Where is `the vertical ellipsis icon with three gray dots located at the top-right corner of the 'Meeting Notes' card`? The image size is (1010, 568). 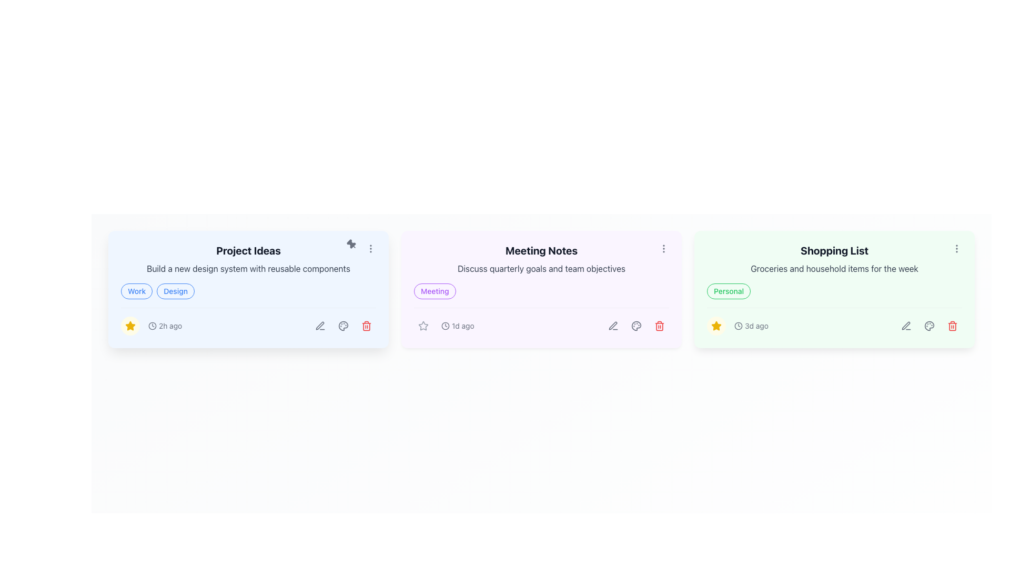
the vertical ellipsis icon with three gray dots located at the top-right corner of the 'Meeting Notes' card is located at coordinates (663, 249).